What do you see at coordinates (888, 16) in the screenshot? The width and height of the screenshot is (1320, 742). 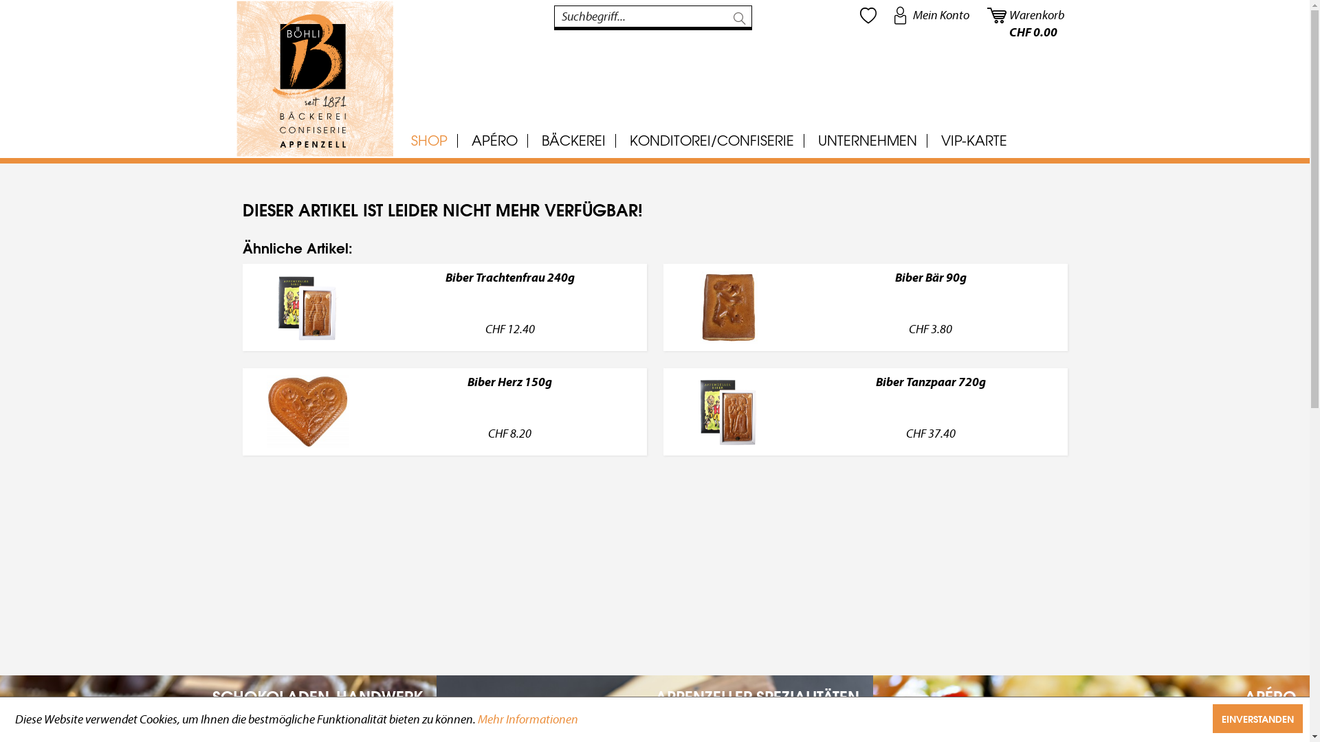 I see `'Mein Konto'` at bounding box center [888, 16].